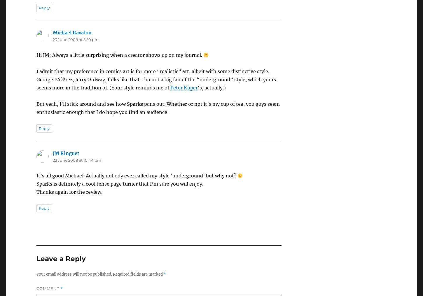 The height and width of the screenshot is (296, 423). What do you see at coordinates (158, 108) in the screenshot?
I see `'pans out.  Whether or not it’s my cup of tea, you guys seem enthusiastic enough that I do hope you find an audience!'` at bounding box center [158, 108].